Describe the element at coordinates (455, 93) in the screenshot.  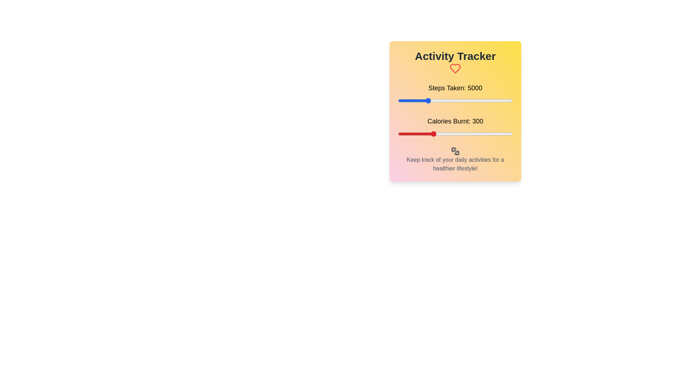
I see `the handle of the blue and gray slider labeled 'Steps Taken: 5000'` at that location.